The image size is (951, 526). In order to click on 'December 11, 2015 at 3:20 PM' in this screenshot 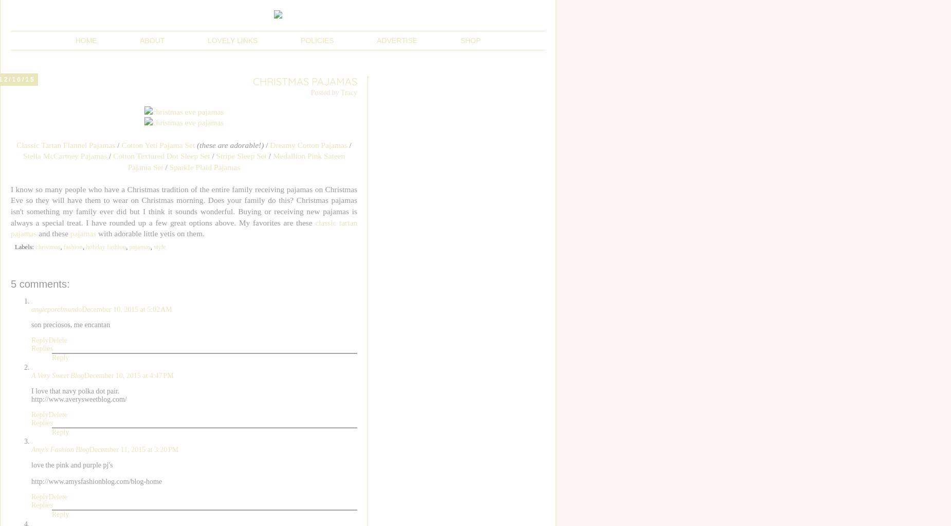, I will do `click(133, 449)`.